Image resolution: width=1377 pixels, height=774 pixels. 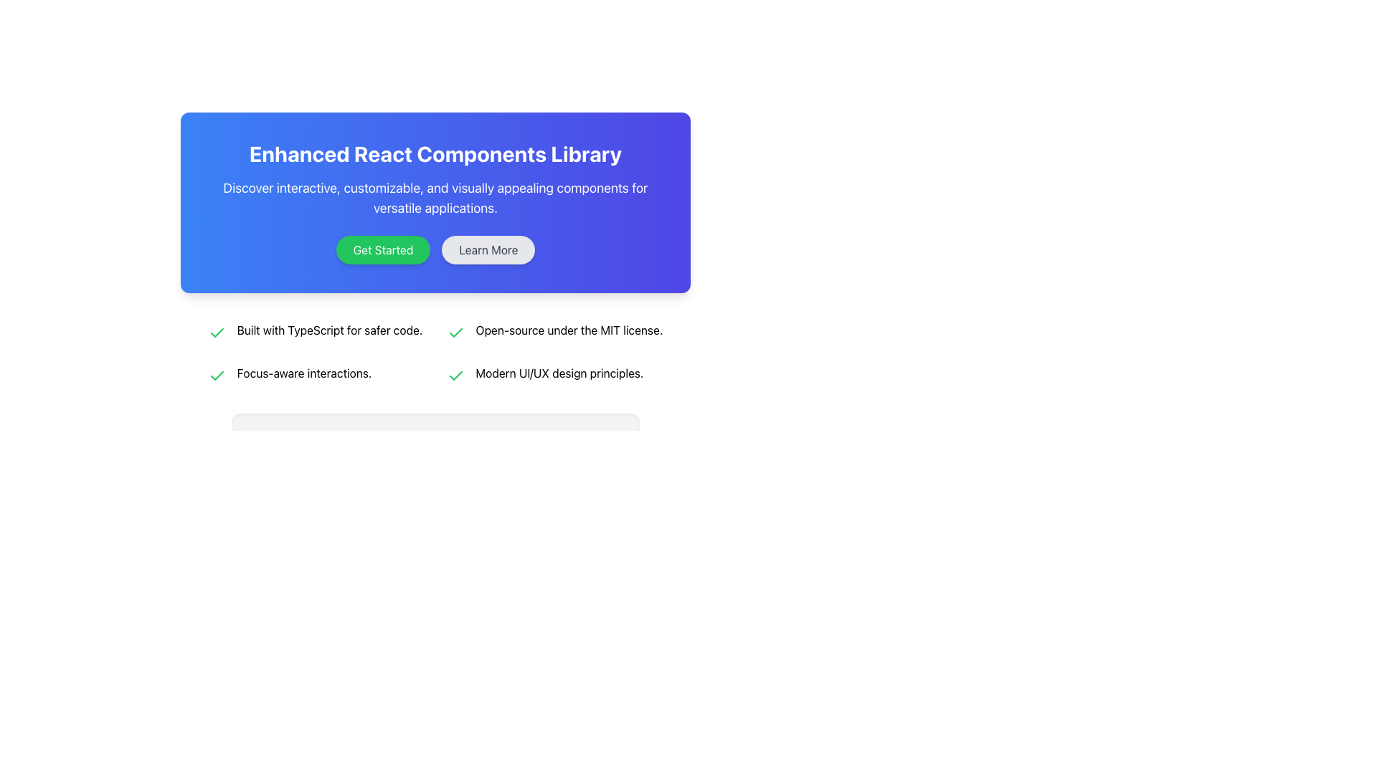 What do you see at coordinates (216, 333) in the screenshot?
I see `the green checkmark icon indicating fulfillment, located to the left of the text 'Built with TypeScript for safer code.'` at bounding box center [216, 333].